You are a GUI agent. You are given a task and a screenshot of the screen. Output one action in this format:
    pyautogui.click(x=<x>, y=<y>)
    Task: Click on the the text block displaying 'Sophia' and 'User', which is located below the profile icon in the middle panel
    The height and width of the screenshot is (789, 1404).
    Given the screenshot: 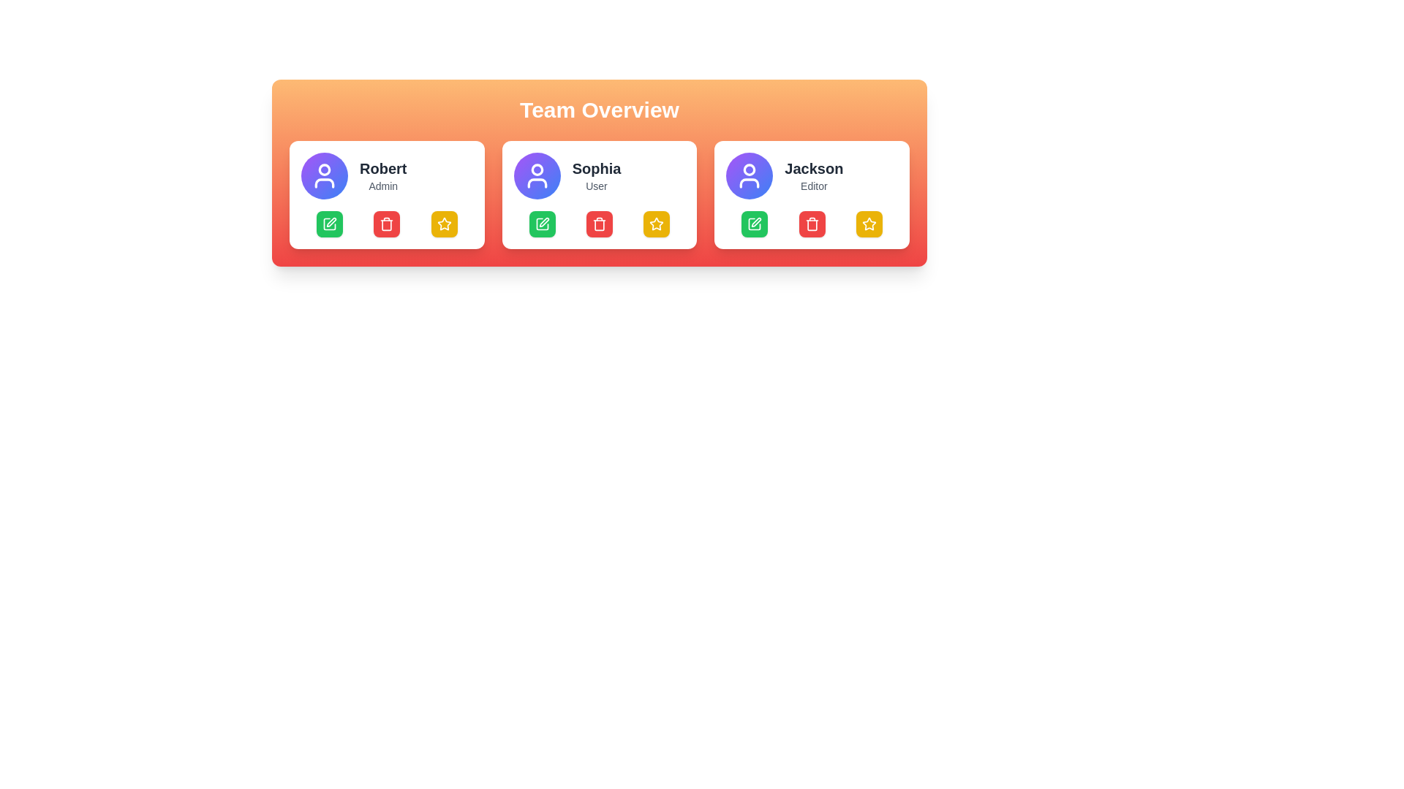 What is the action you would take?
    pyautogui.click(x=597, y=175)
    